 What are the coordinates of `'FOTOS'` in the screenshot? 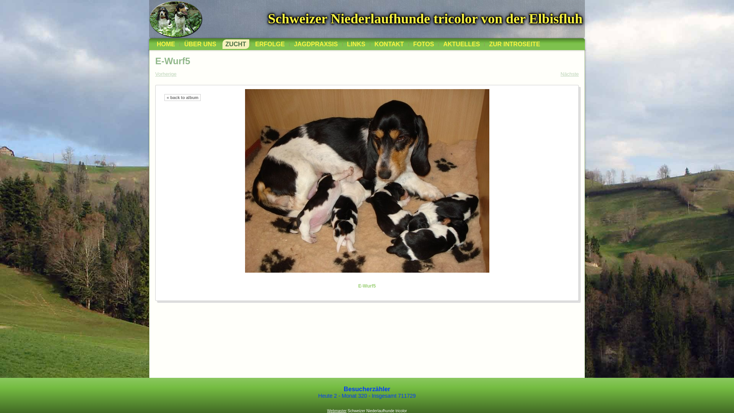 It's located at (423, 44).